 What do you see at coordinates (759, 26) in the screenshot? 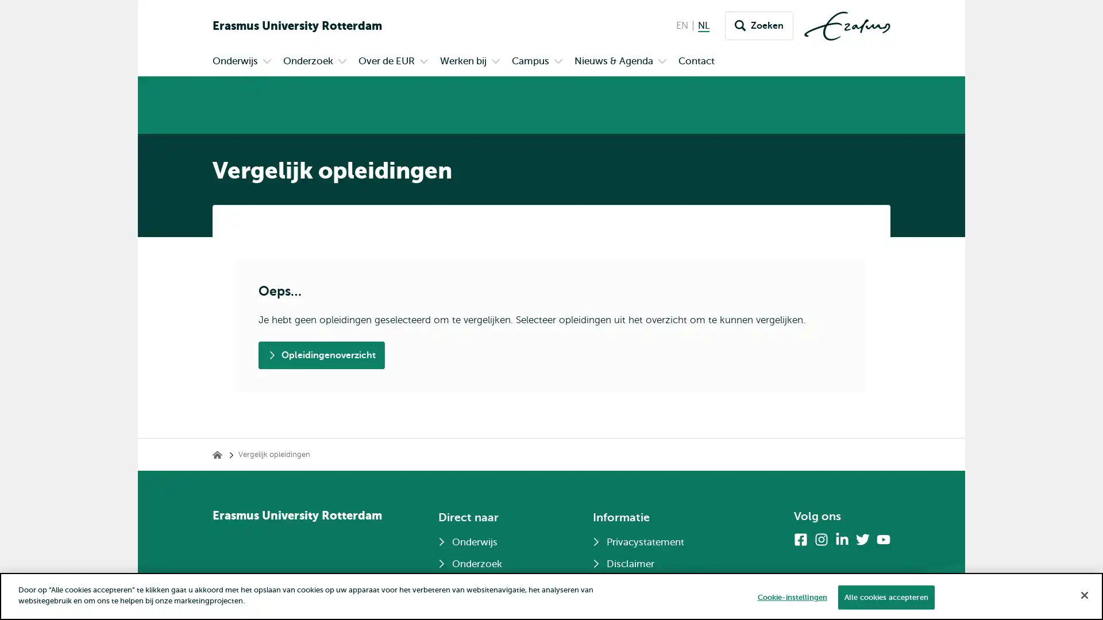
I see `Zoeken` at bounding box center [759, 26].